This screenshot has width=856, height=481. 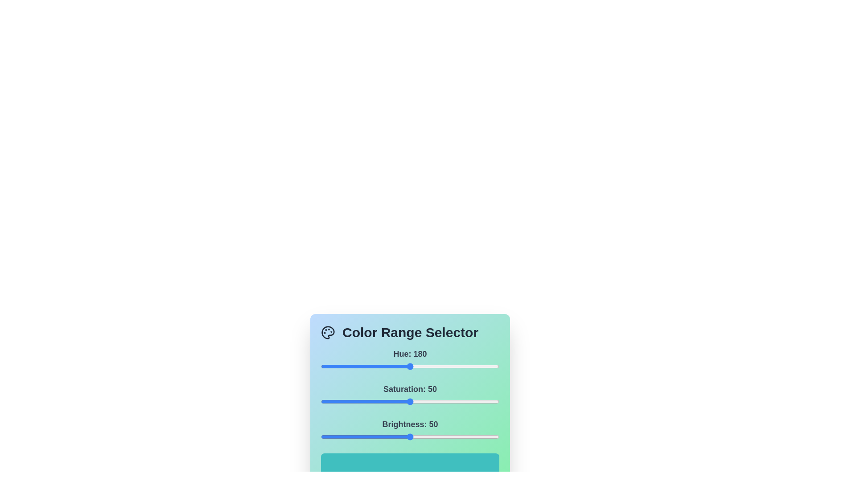 What do you see at coordinates (342, 366) in the screenshot?
I see `the 0 slider to 45` at bounding box center [342, 366].